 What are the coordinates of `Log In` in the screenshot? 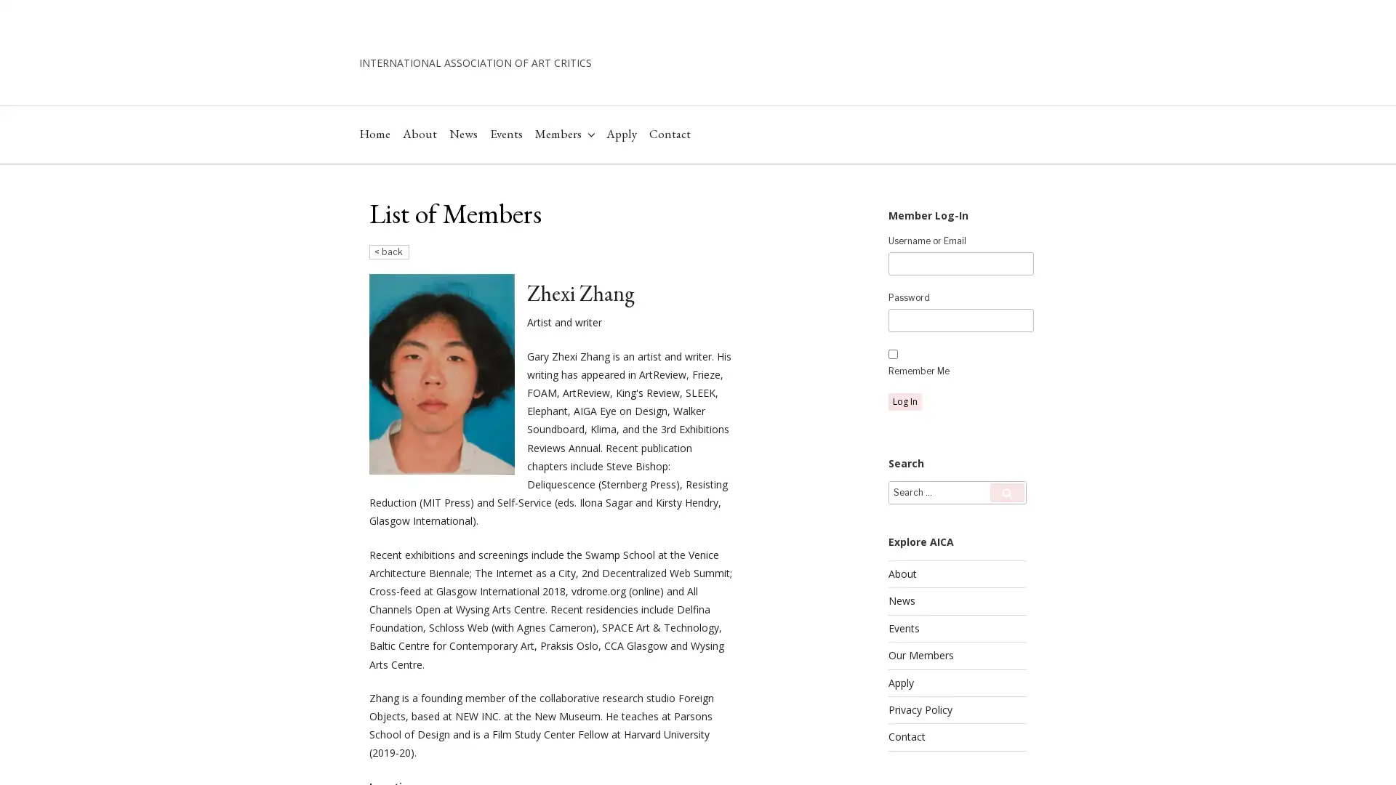 It's located at (904, 446).